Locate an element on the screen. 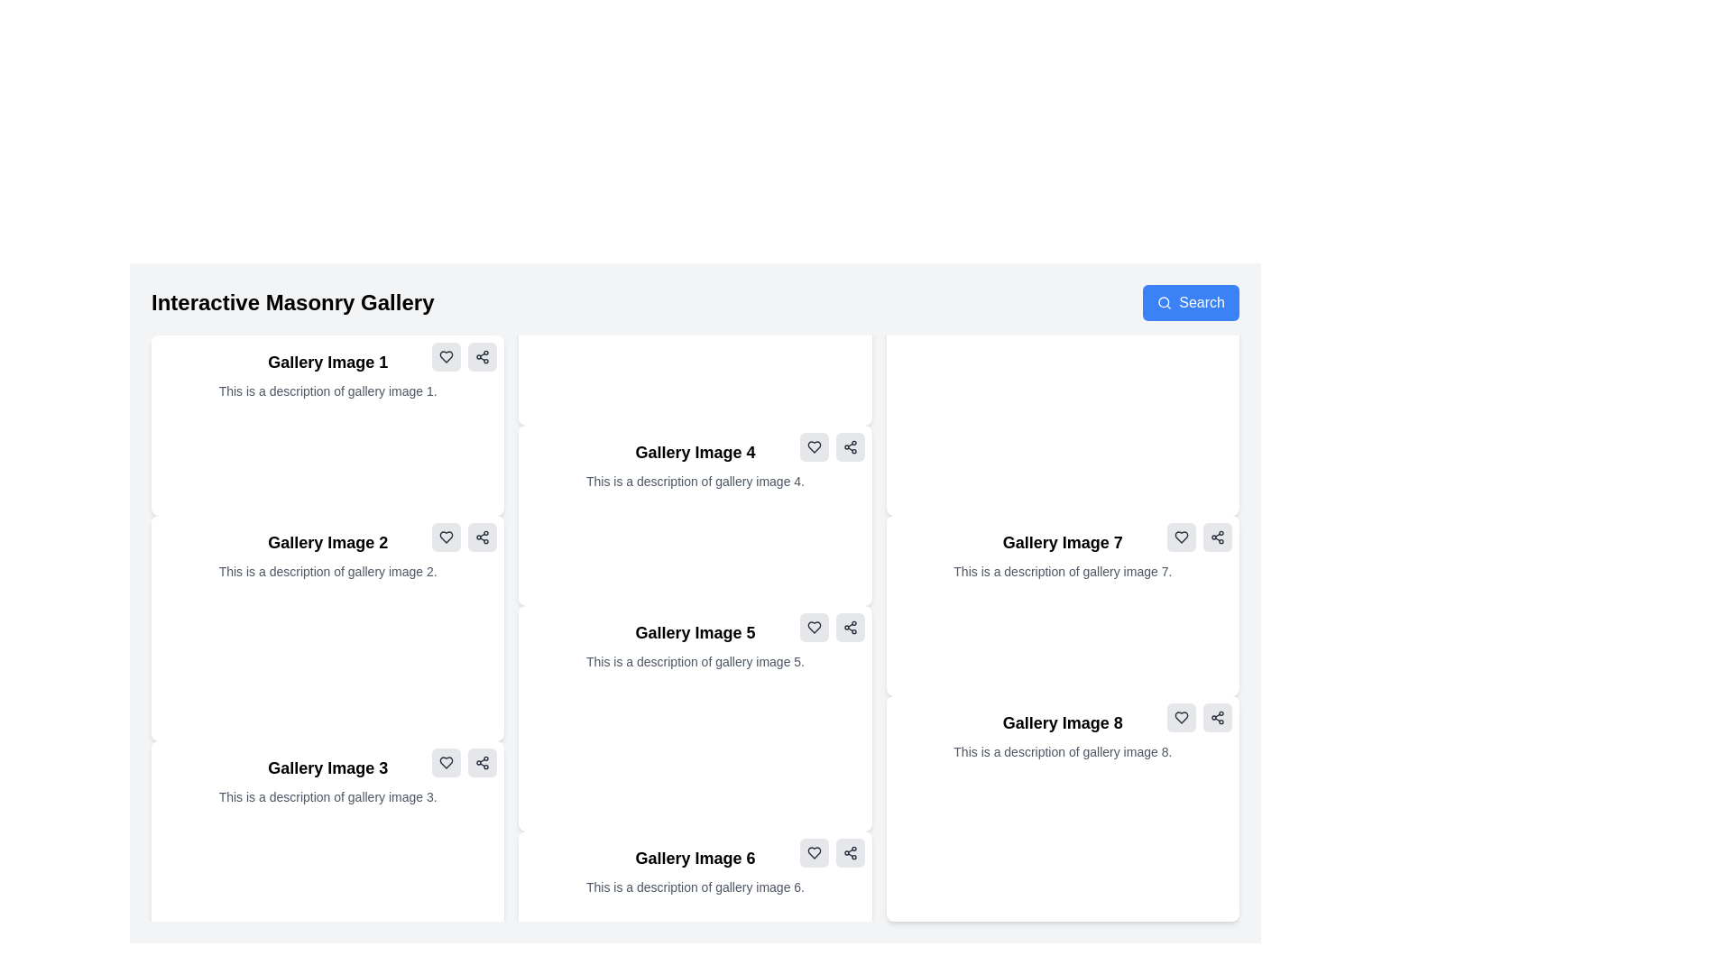 The height and width of the screenshot is (974, 1732). the heart-shaped icon button located within the card of 'Gallery Image 4' is located at coordinates (813, 446).